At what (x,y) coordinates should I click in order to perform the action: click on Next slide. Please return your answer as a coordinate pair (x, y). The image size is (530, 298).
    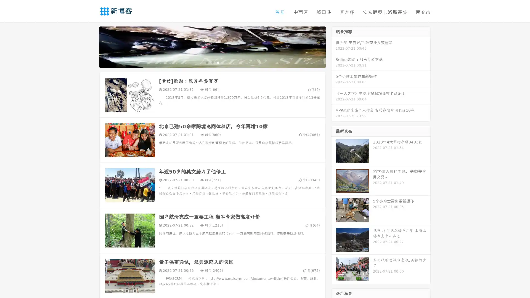
    Looking at the image, I should click on (333, 46).